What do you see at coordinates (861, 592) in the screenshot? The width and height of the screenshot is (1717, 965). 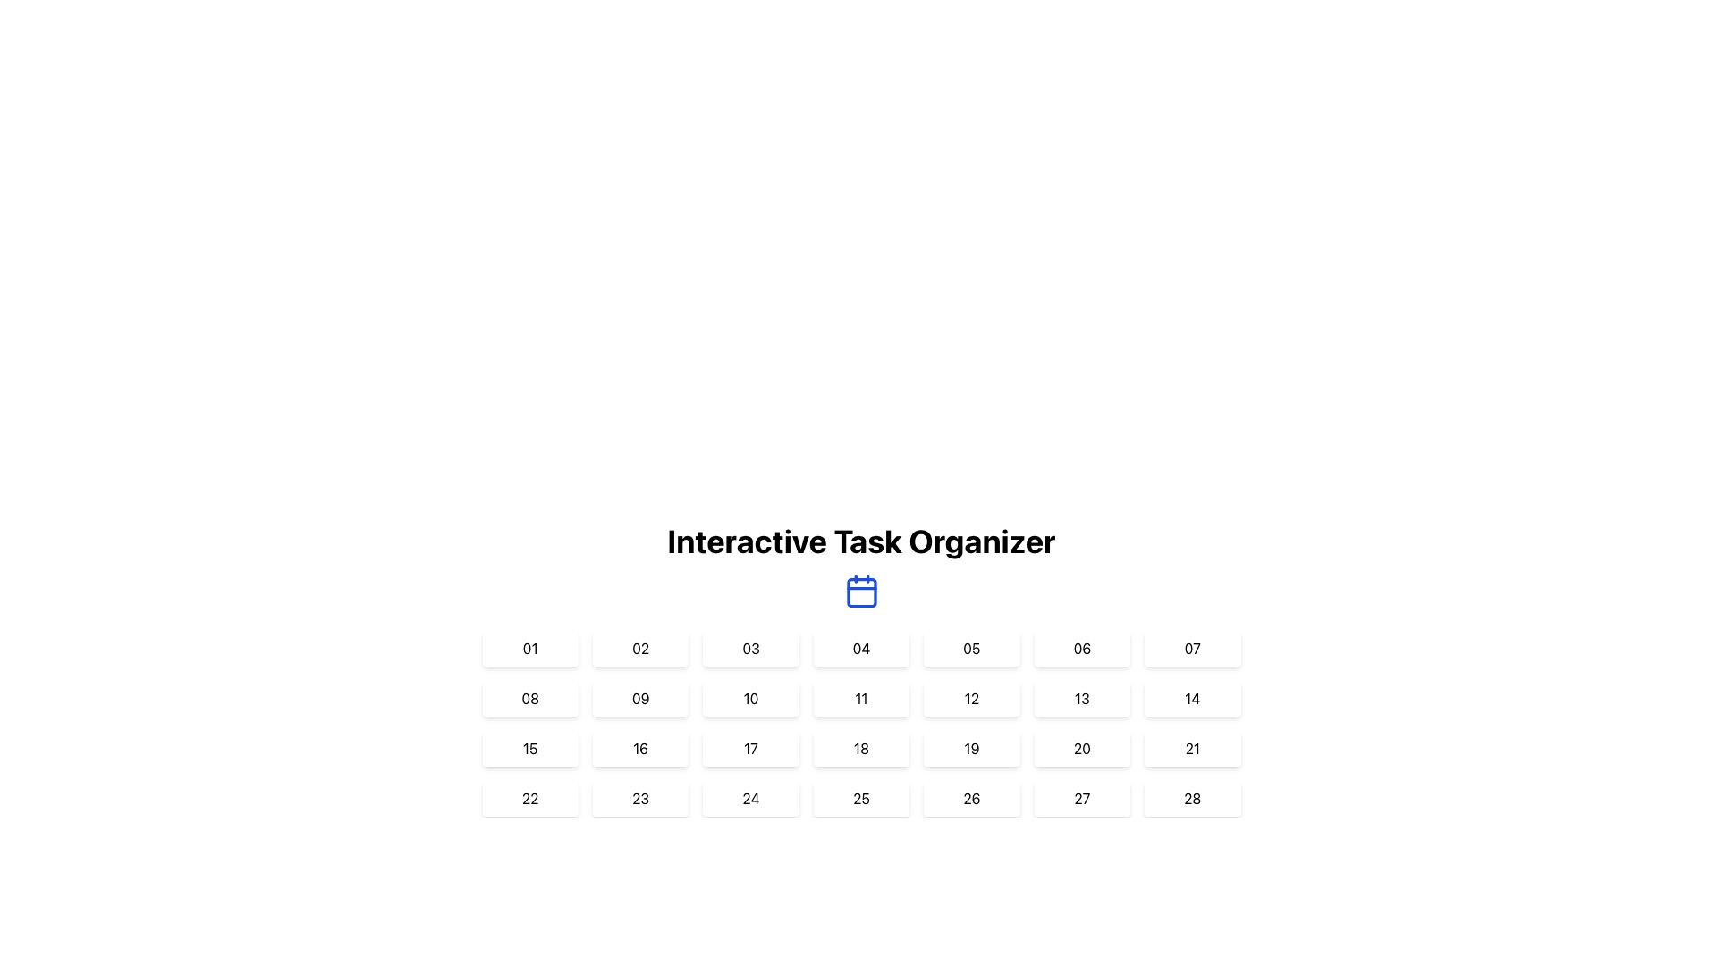 I see `the filled rectangular shape with rounded corners located centrally within the calendar icon` at bounding box center [861, 592].